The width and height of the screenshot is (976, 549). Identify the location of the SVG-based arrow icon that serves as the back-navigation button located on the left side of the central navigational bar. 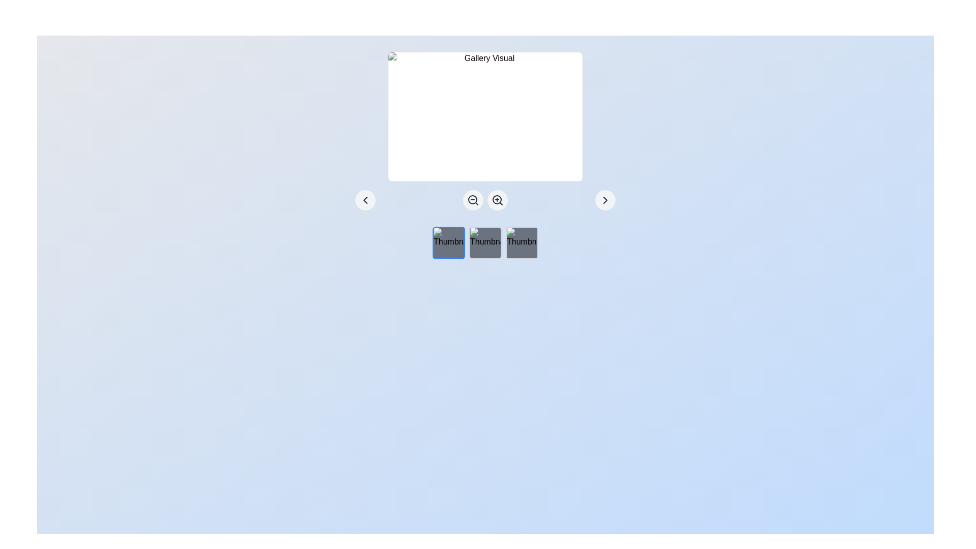
(365, 200).